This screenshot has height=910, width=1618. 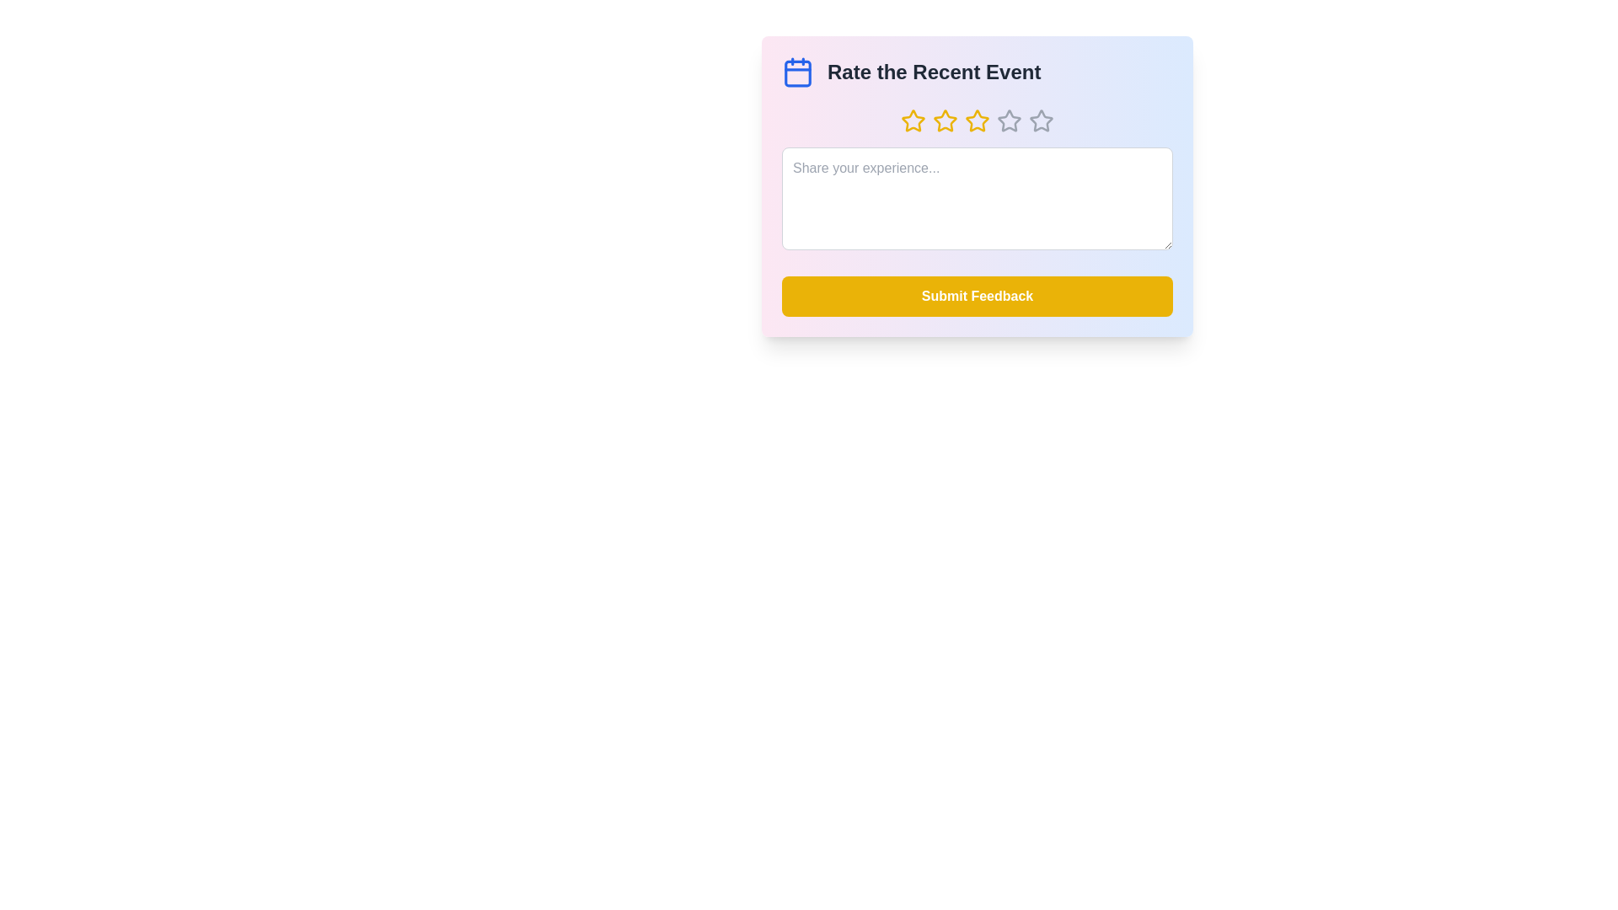 What do you see at coordinates (913, 120) in the screenshot?
I see `the star corresponding to the desired rating of 1` at bounding box center [913, 120].